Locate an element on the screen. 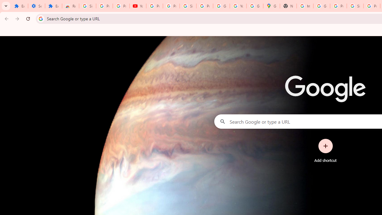 Image resolution: width=382 pixels, height=215 pixels. 'Extensions' is located at coordinates (53, 6).